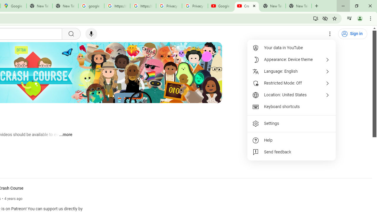 The width and height of the screenshot is (377, 212). What do you see at coordinates (315, 18) in the screenshot?
I see `'Install YouTube'` at bounding box center [315, 18].